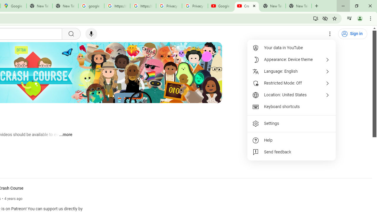 The width and height of the screenshot is (377, 212). What do you see at coordinates (315, 18) in the screenshot?
I see `'Install YouTube'` at bounding box center [315, 18].